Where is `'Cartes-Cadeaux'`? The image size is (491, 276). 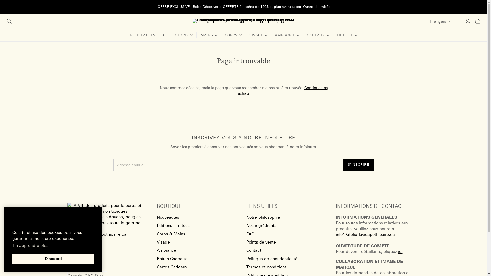
'Cartes-Cadeaux' is located at coordinates (172, 267).